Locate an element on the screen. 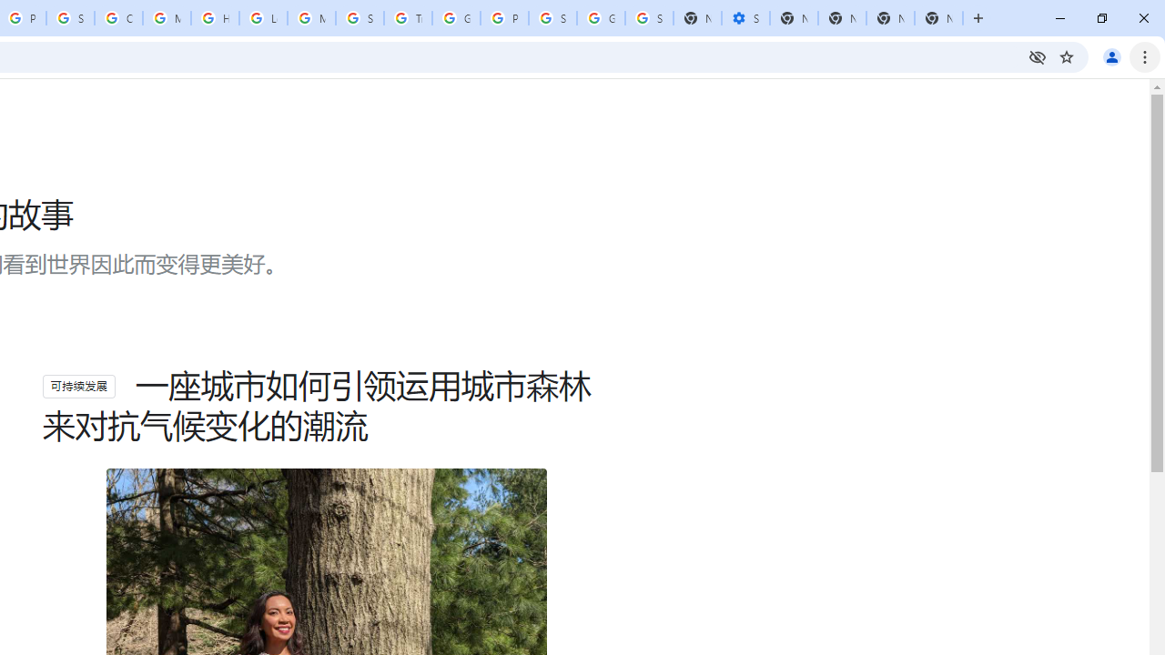  'New Tab' is located at coordinates (938, 18).